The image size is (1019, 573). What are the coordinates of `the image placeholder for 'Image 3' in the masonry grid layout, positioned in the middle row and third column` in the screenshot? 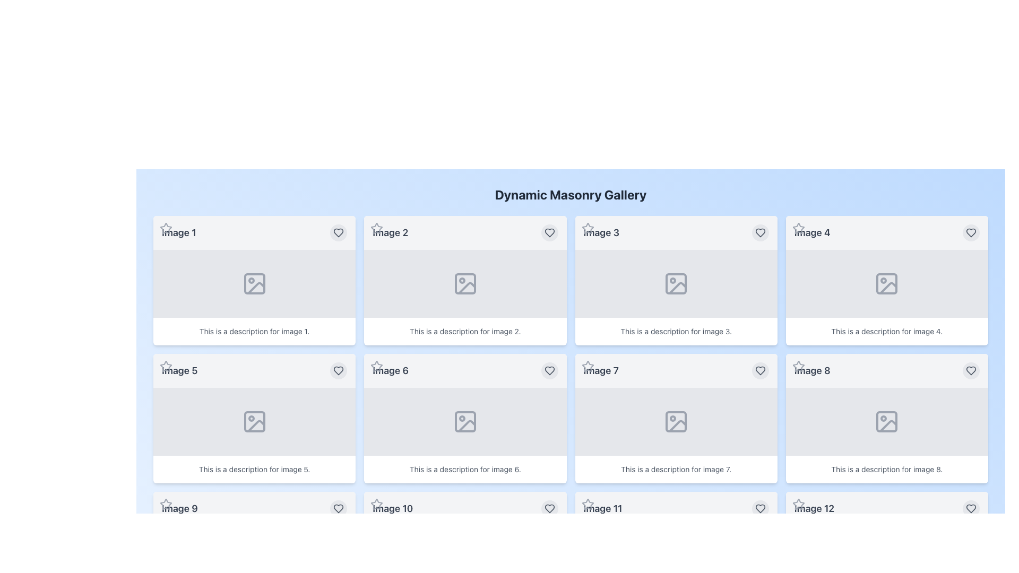 It's located at (675, 283).